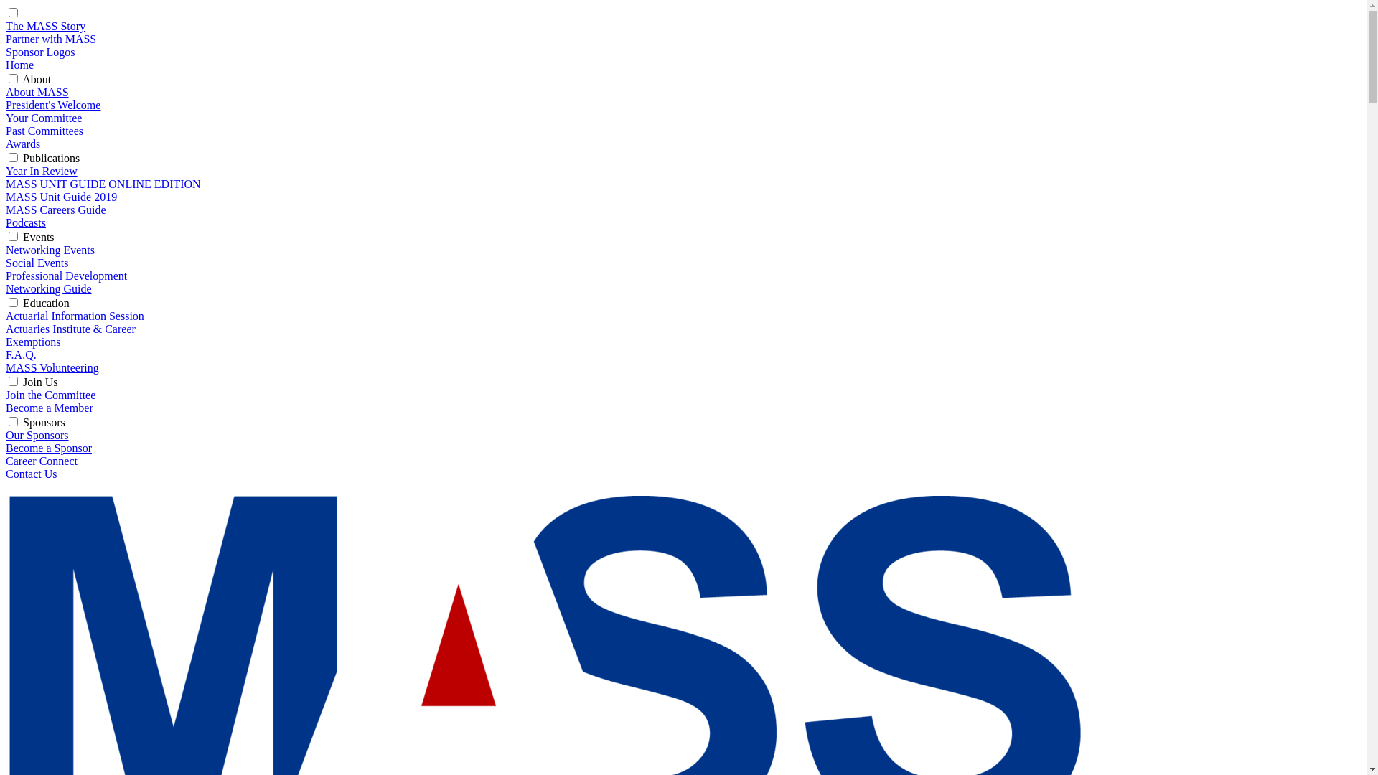 Image resolution: width=1378 pixels, height=775 pixels. Describe the element at coordinates (60, 197) in the screenshot. I see `'MASS Unit Guide 2019'` at that location.